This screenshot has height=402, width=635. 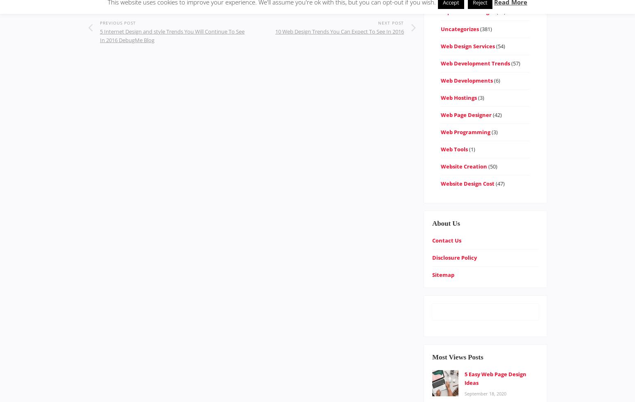 I want to click on 'Previous Post', so click(x=118, y=22).